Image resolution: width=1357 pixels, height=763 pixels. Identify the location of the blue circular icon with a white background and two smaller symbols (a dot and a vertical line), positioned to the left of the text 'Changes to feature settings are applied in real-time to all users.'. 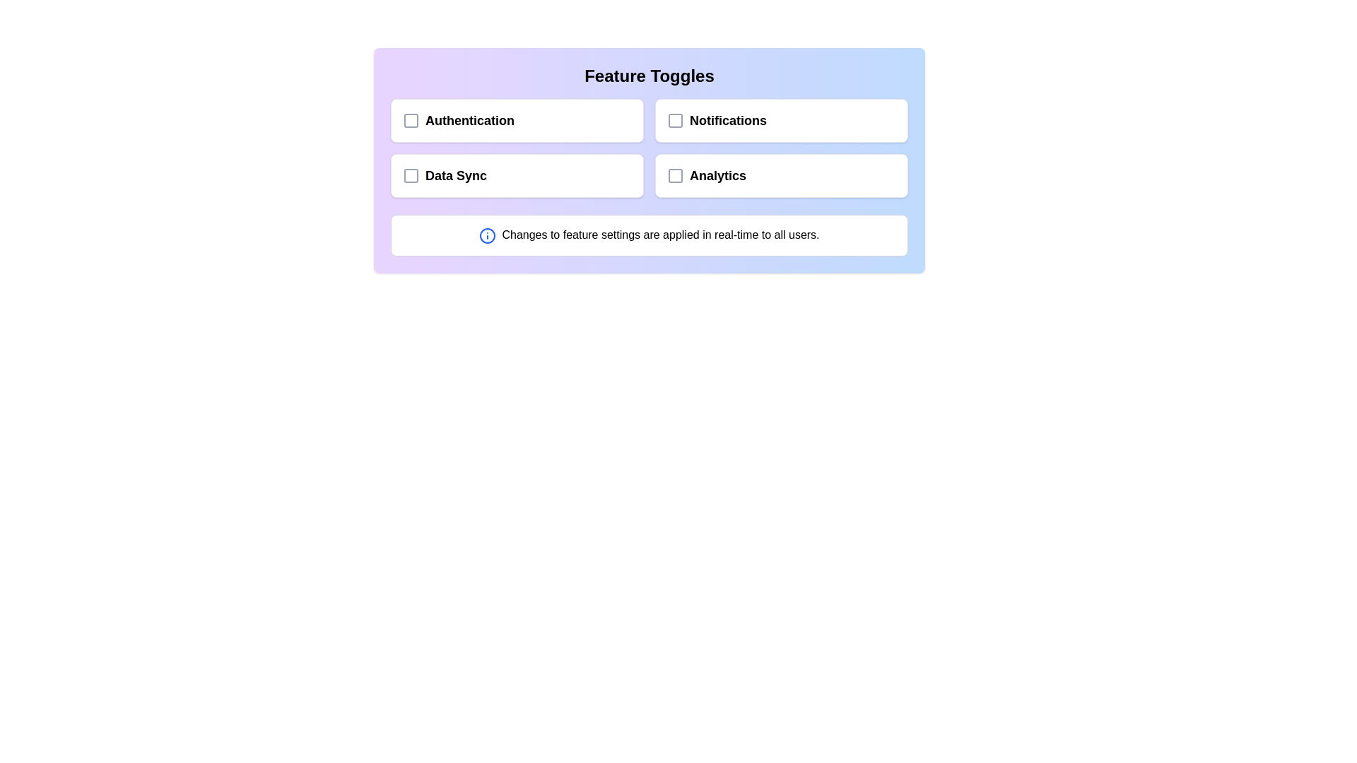
(488, 235).